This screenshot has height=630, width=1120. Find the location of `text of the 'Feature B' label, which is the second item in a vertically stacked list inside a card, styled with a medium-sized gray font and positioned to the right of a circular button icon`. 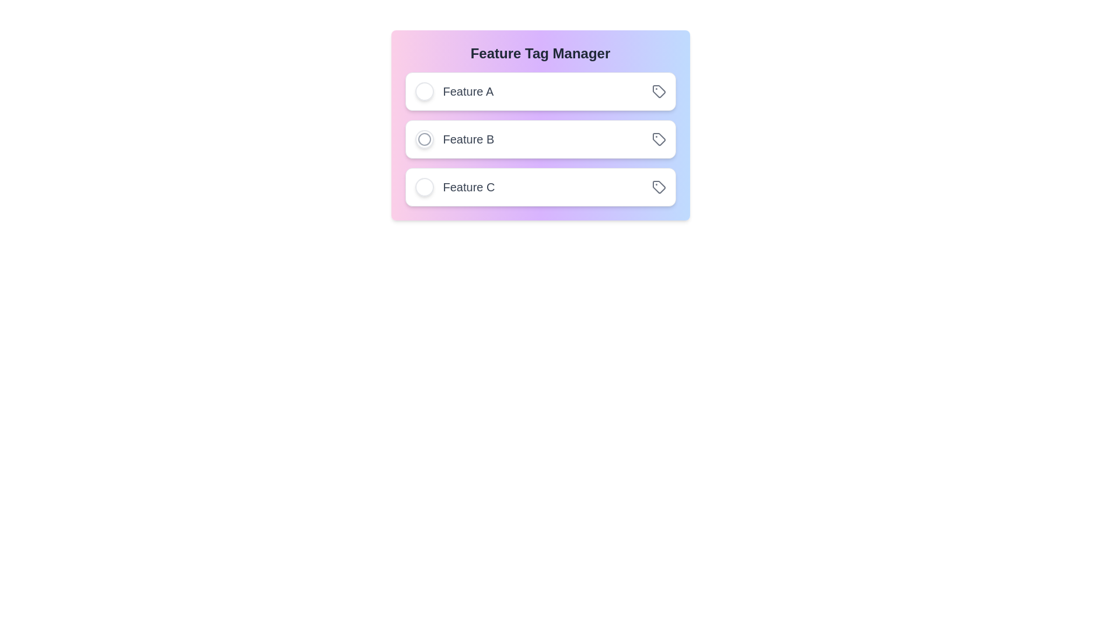

text of the 'Feature B' label, which is the second item in a vertically stacked list inside a card, styled with a medium-sized gray font and positioned to the right of a circular button icon is located at coordinates (454, 139).